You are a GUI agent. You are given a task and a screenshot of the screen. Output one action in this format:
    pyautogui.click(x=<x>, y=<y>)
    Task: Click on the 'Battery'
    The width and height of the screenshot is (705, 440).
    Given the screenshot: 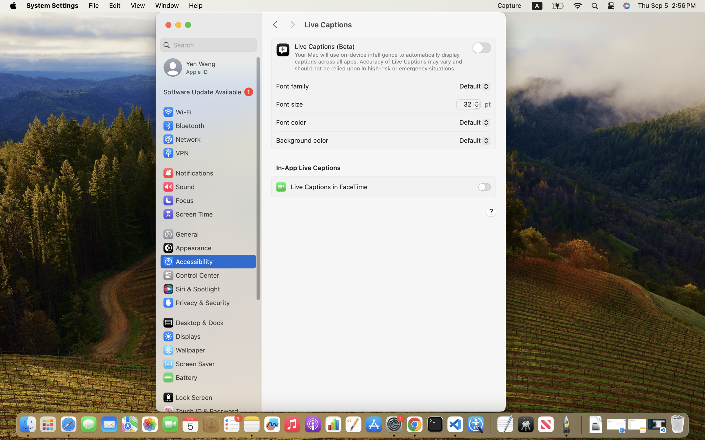 What is the action you would take?
    pyautogui.click(x=179, y=377)
    